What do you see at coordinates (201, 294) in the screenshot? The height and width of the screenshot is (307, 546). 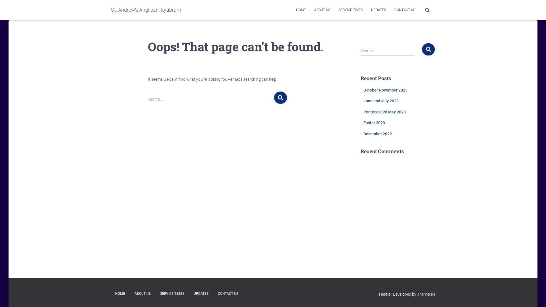 I see `'UPDATES'` at bounding box center [201, 294].